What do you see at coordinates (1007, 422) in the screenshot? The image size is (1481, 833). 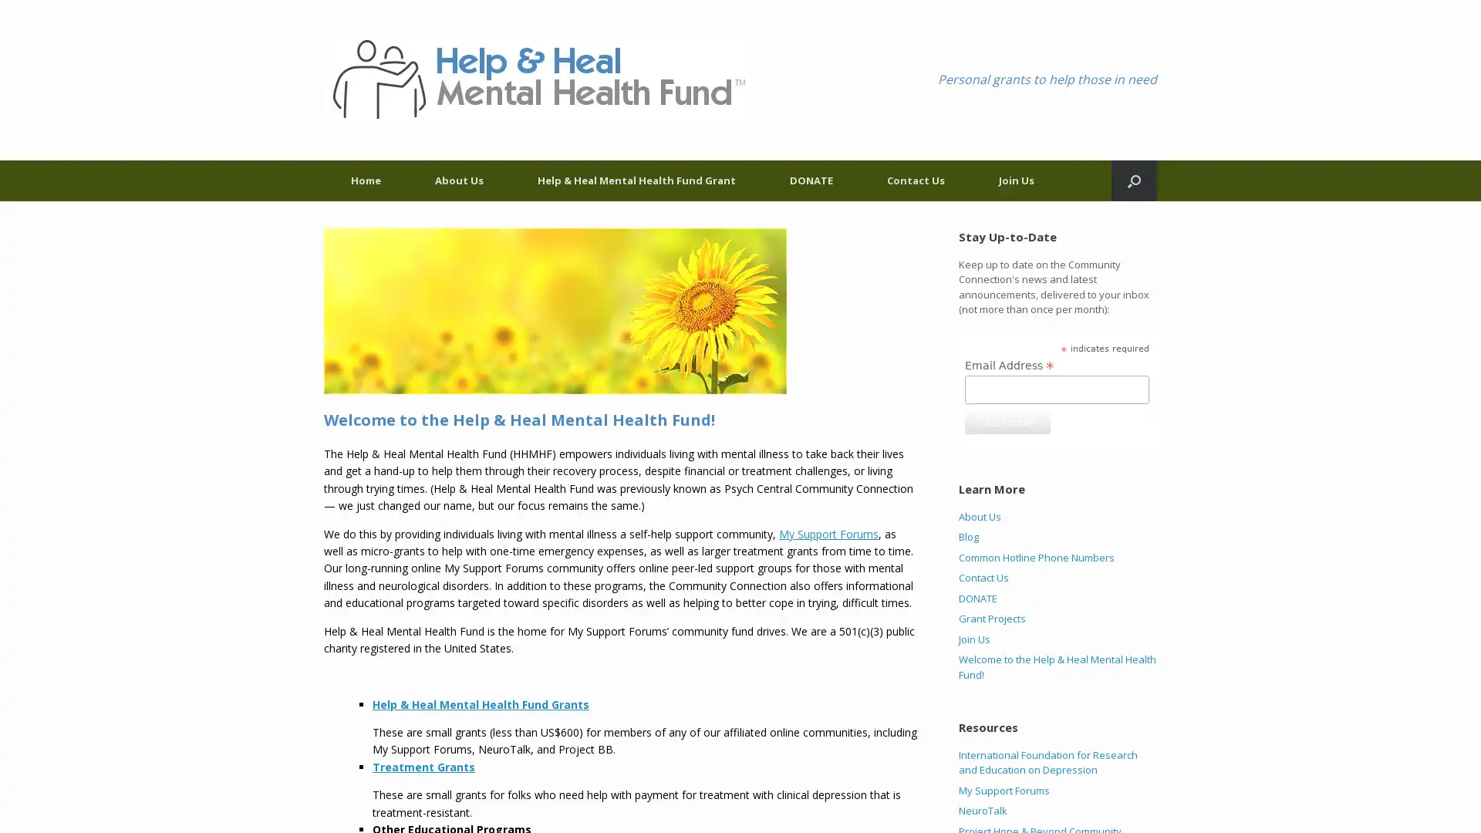 I see `Subscribe` at bounding box center [1007, 422].